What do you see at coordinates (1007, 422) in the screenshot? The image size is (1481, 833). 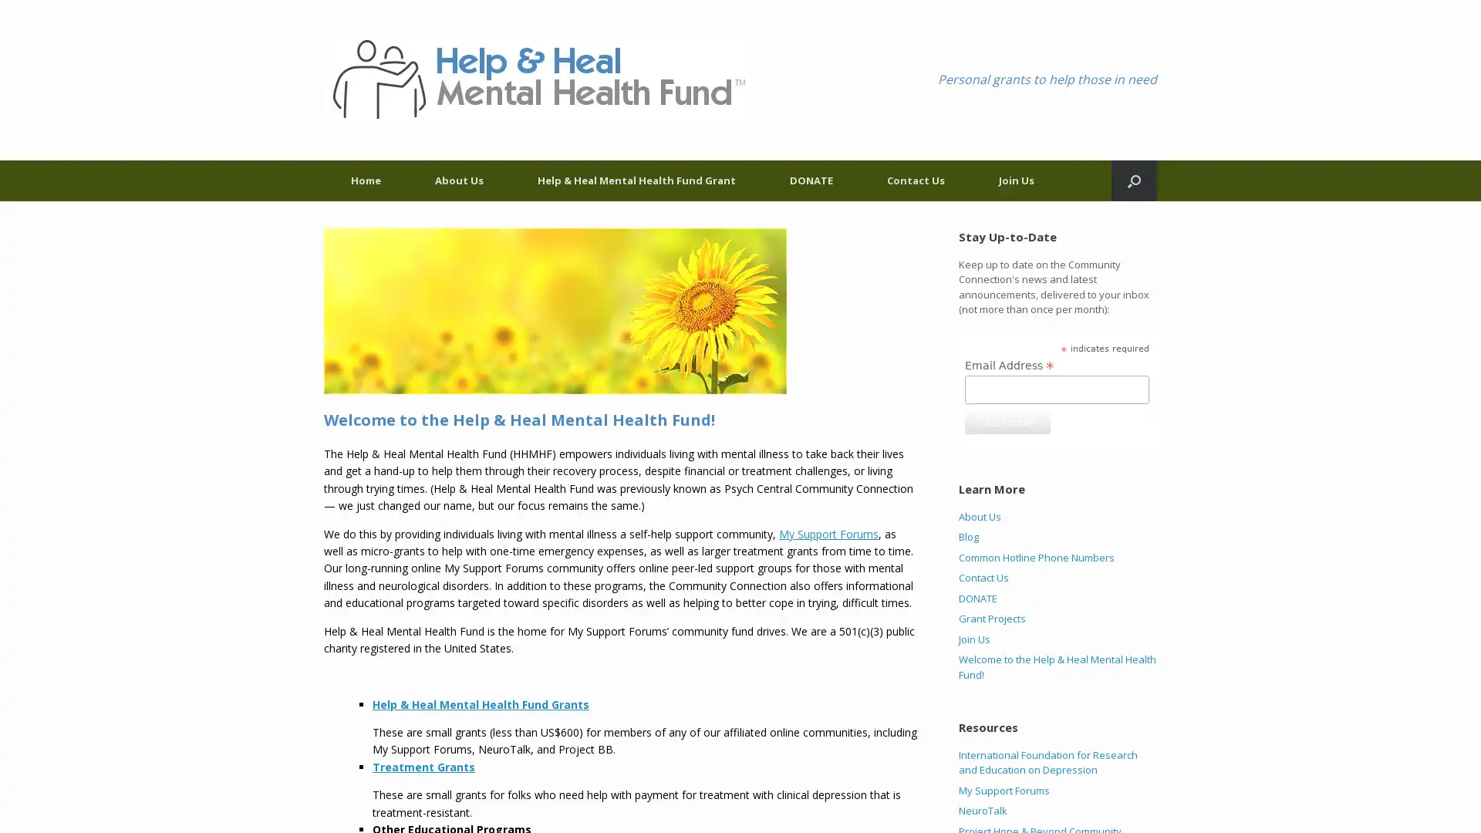 I see `Subscribe` at bounding box center [1007, 422].